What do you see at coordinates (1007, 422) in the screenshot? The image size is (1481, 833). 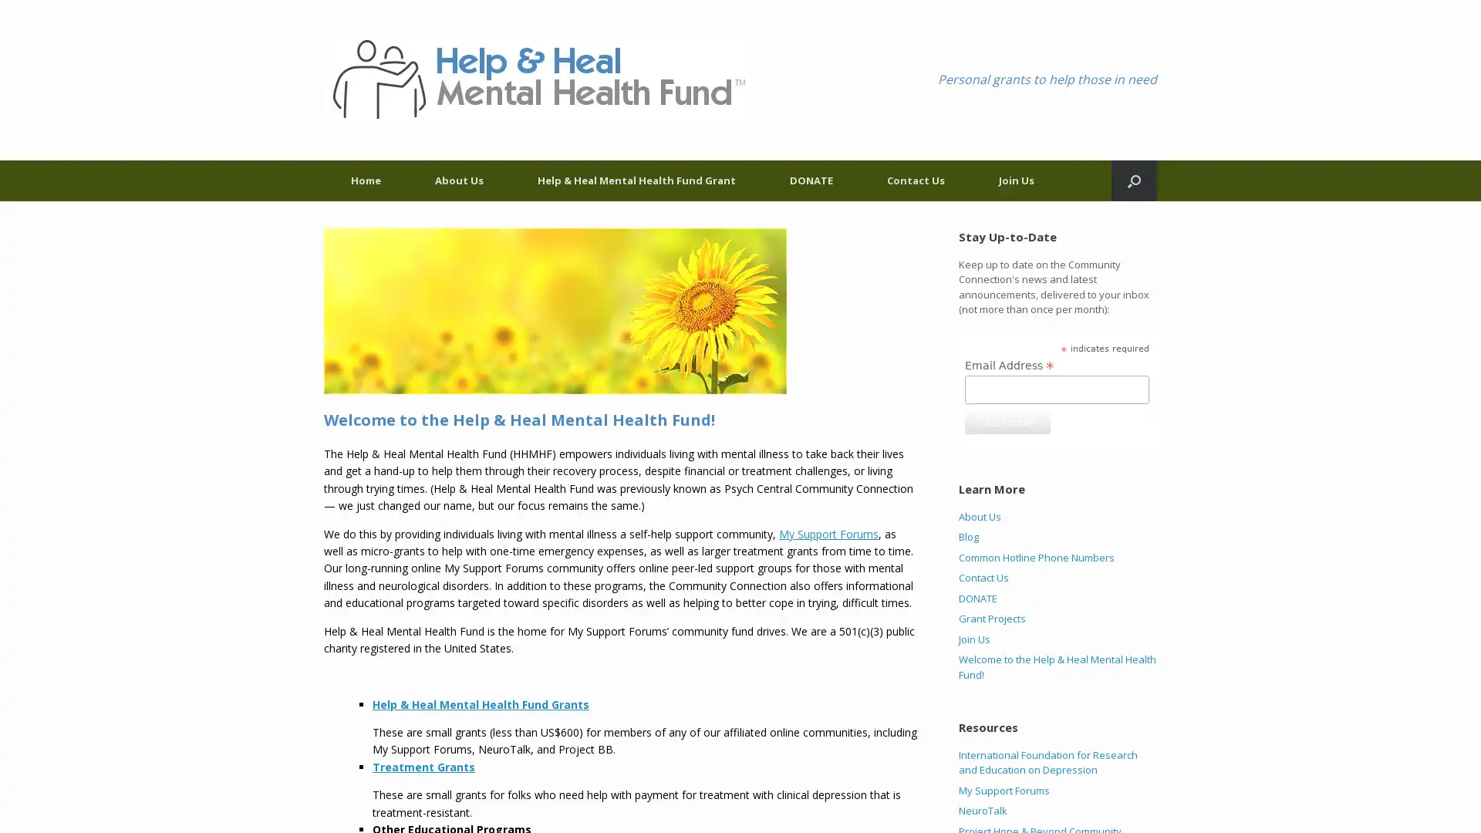 I see `Subscribe` at bounding box center [1007, 422].